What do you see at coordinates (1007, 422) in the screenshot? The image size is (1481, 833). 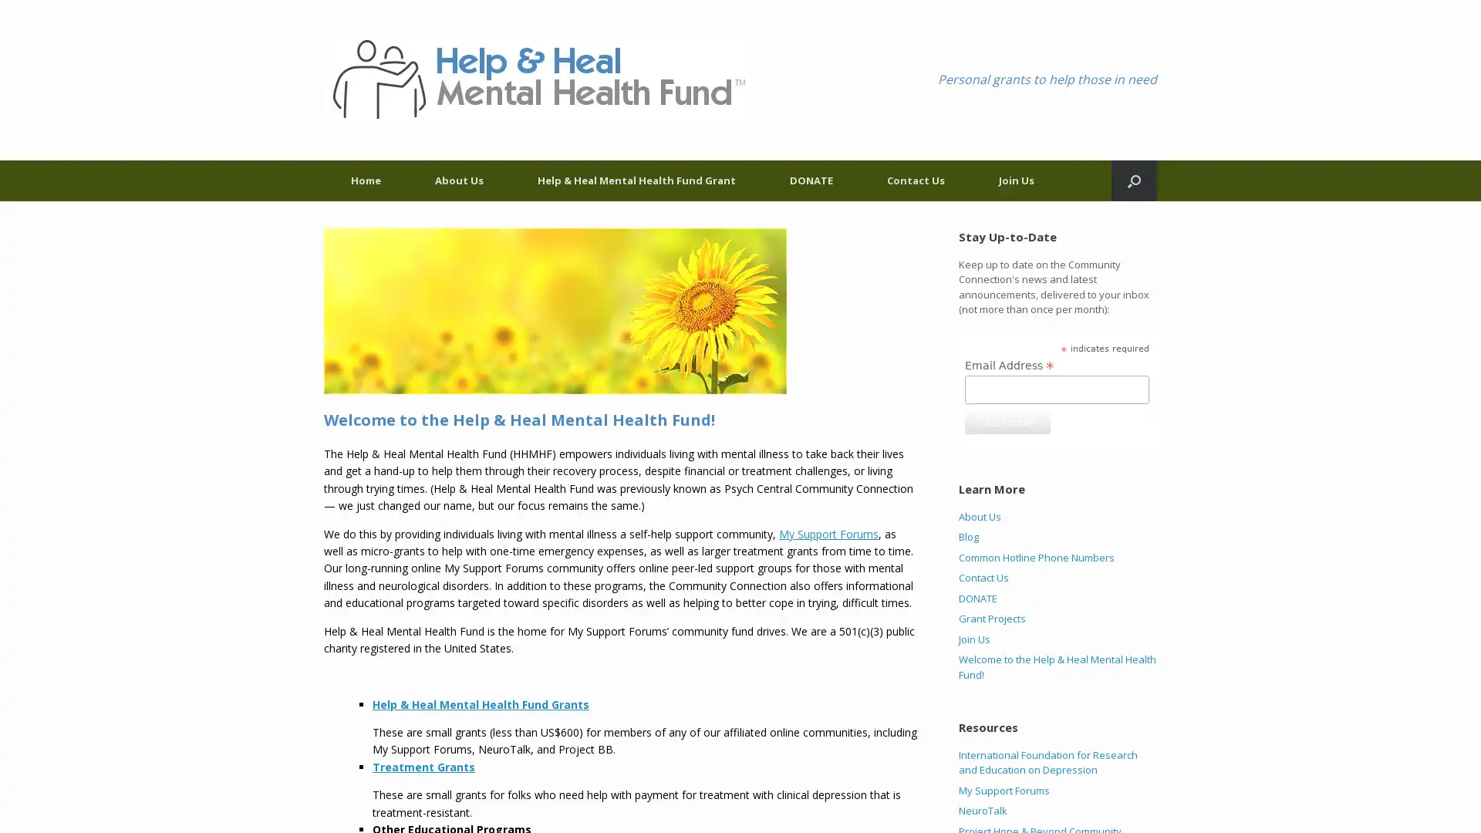 I see `Subscribe` at bounding box center [1007, 422].